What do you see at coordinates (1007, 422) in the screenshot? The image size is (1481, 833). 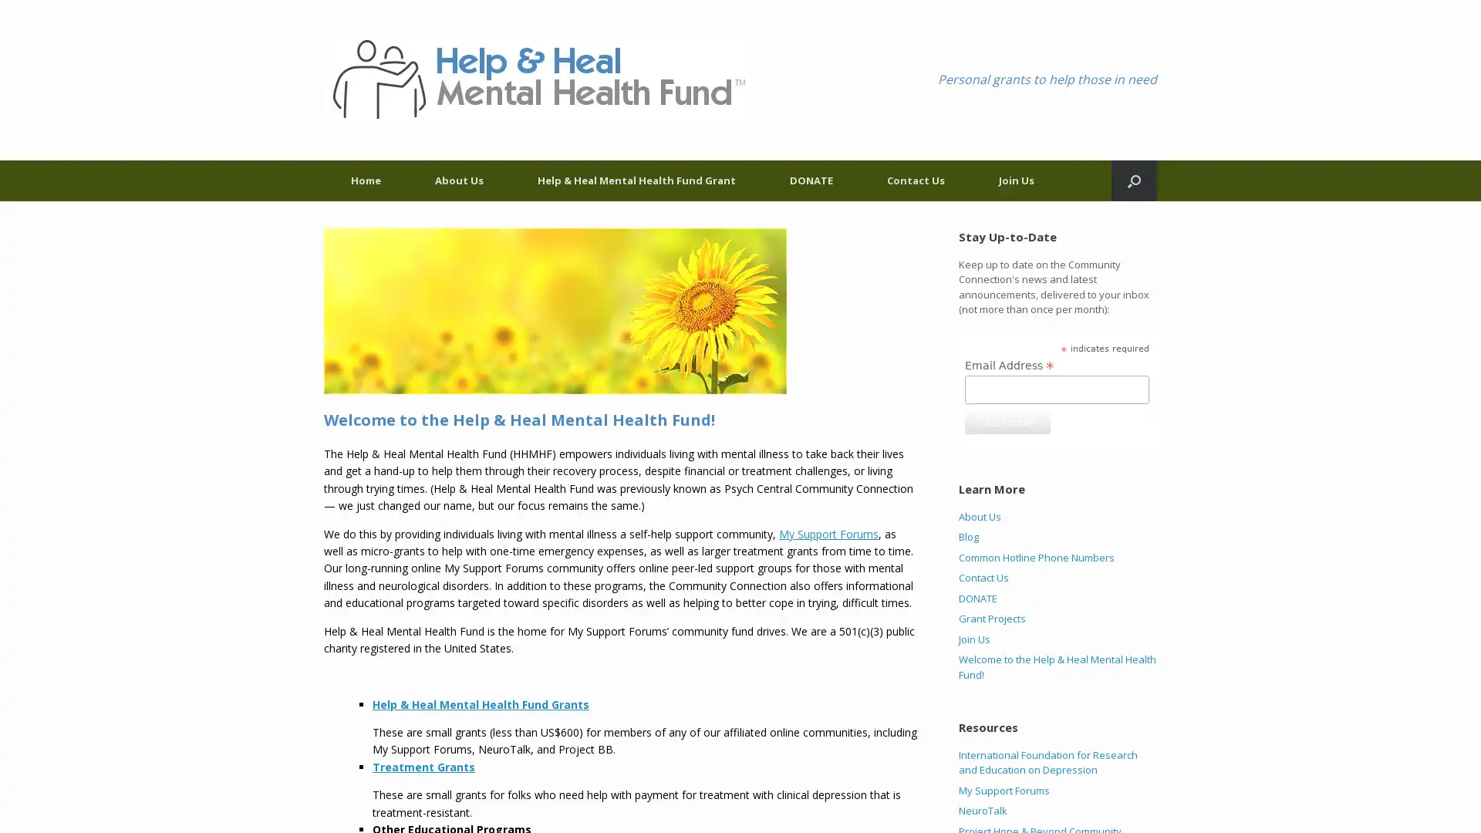 I see `Subscribe` at bounding box center [1007, 422].